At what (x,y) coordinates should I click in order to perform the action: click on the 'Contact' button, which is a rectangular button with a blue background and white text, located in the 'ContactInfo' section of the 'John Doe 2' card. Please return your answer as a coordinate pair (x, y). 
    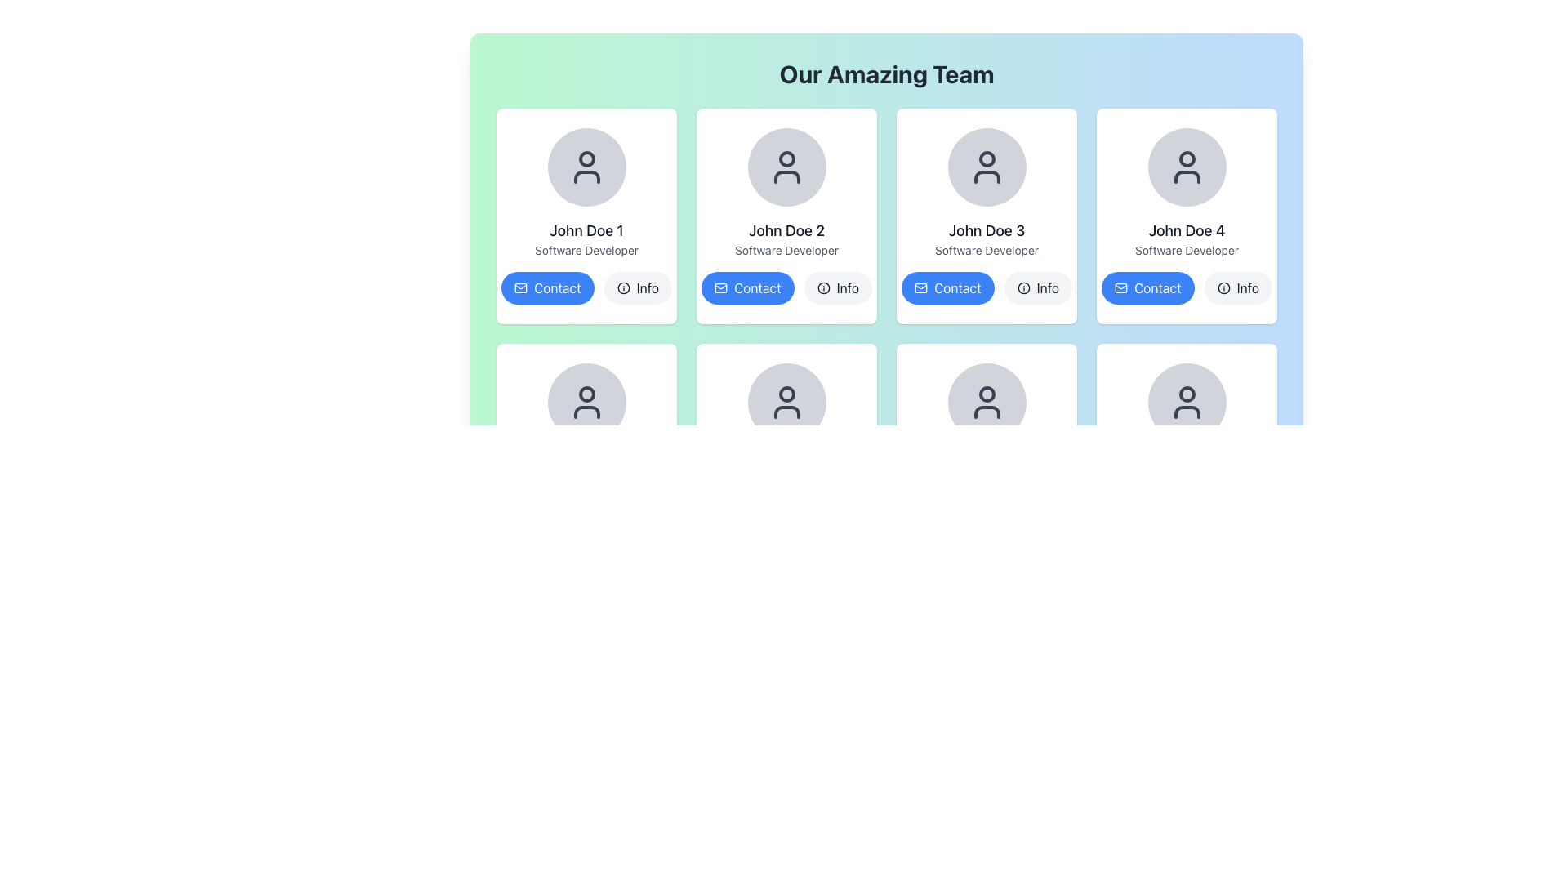
    Looking at the image, I should click on (786, 287).